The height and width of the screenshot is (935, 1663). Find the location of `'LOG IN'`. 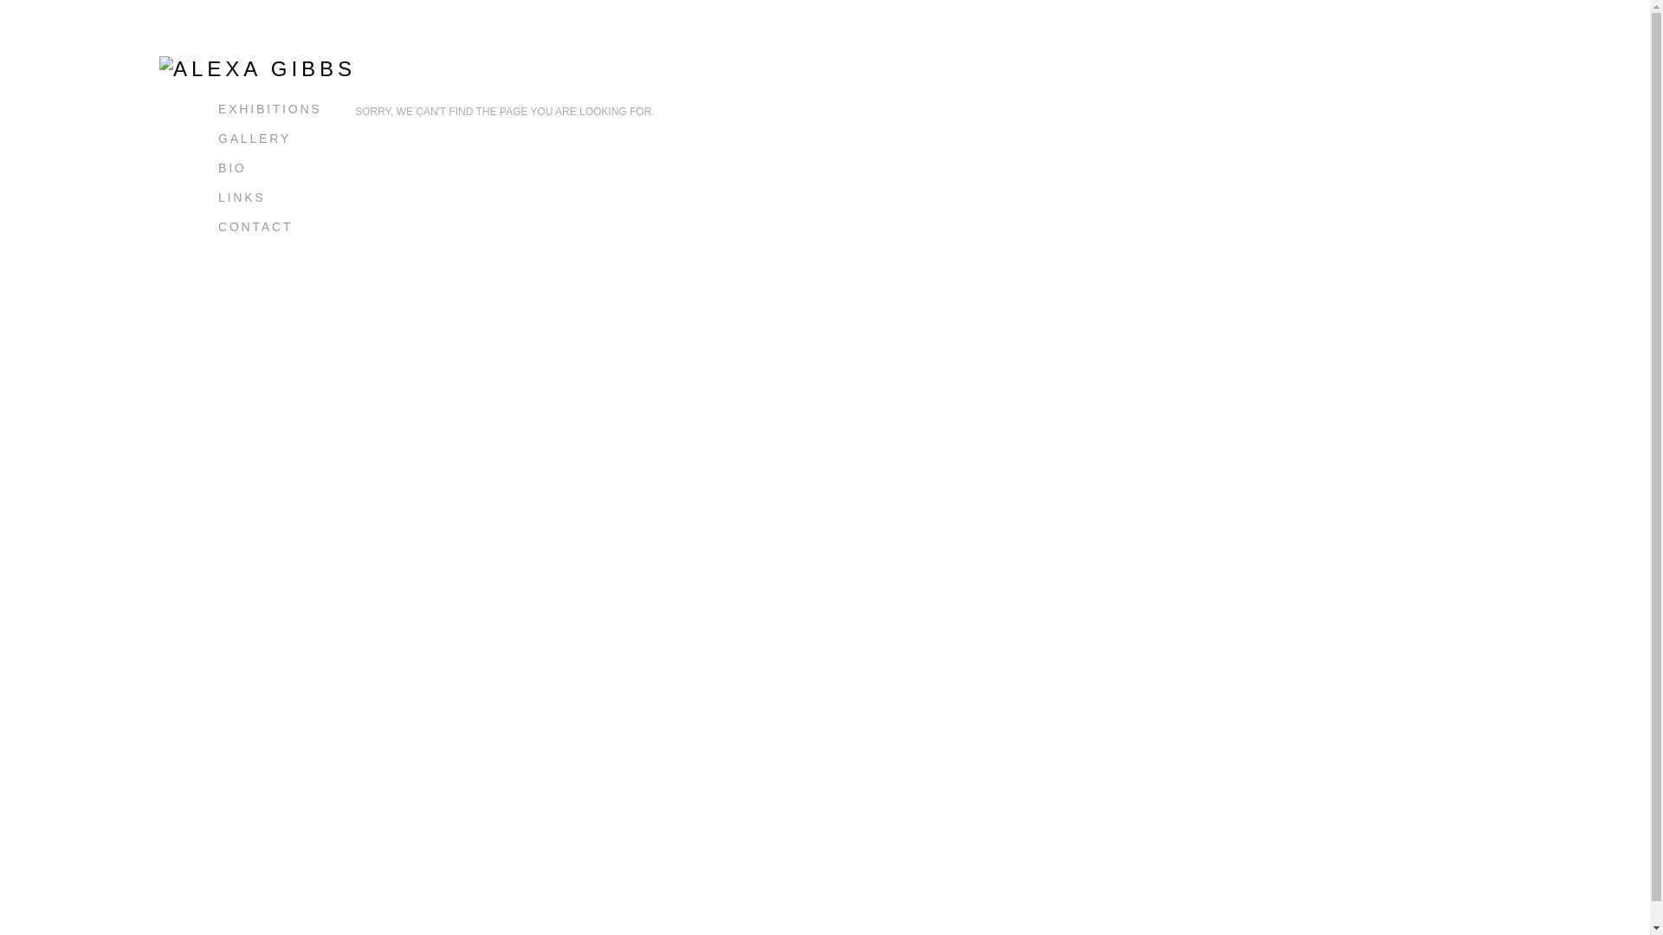

'LOG IN' is located at coordinates (217, 256).